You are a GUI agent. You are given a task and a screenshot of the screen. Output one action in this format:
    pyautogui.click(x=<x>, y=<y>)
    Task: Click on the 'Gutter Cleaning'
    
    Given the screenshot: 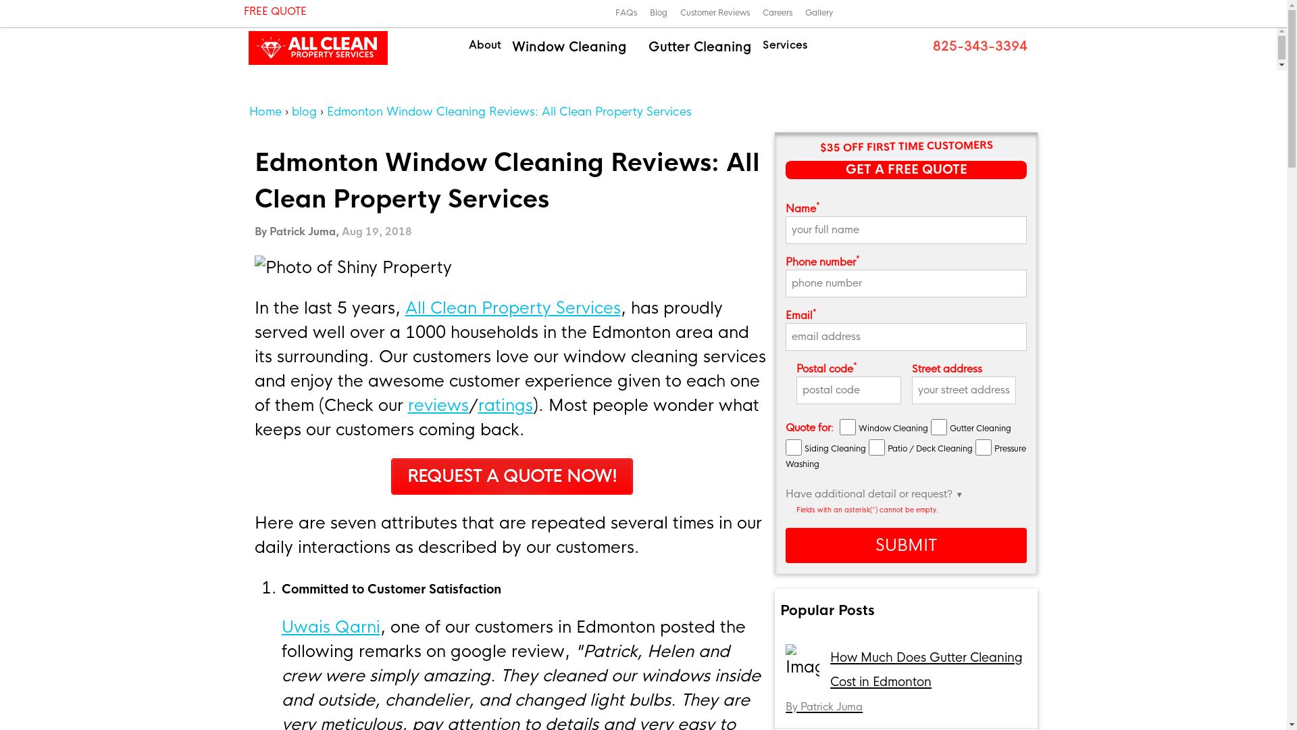 What is the action you would take?
    pyautogui.click(x=642, y=47)
    